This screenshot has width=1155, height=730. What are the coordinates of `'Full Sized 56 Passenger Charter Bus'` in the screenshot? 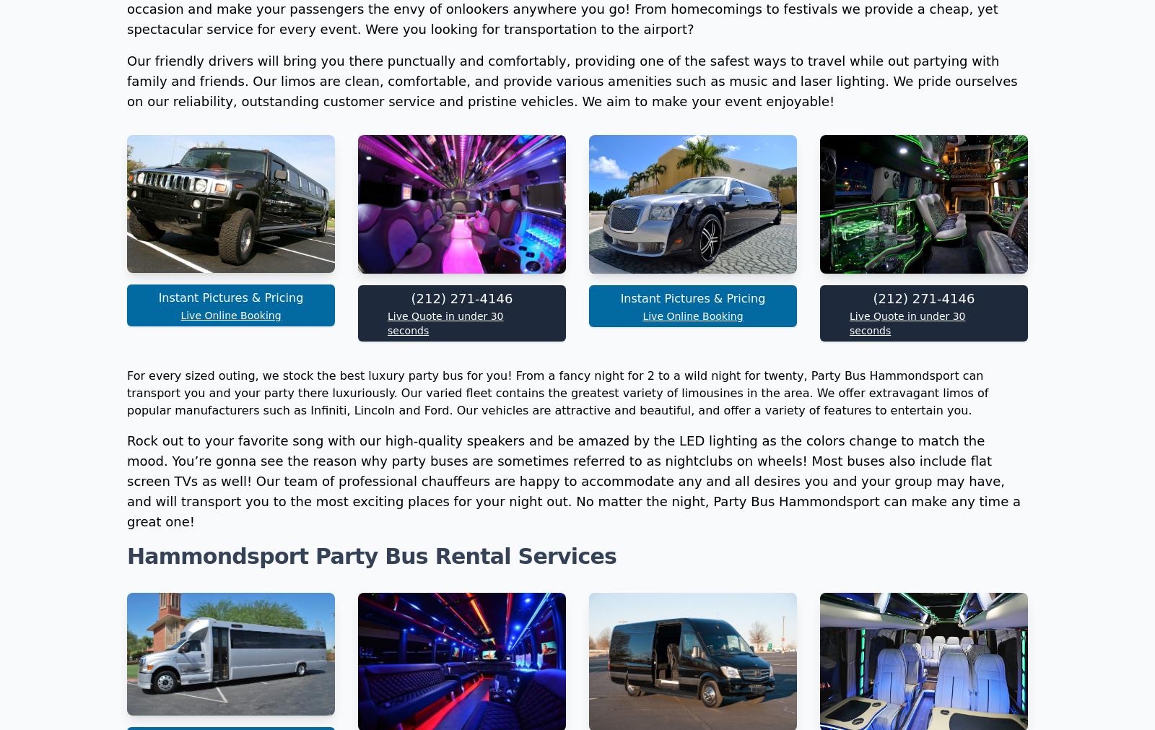 It's located at (751, 71).